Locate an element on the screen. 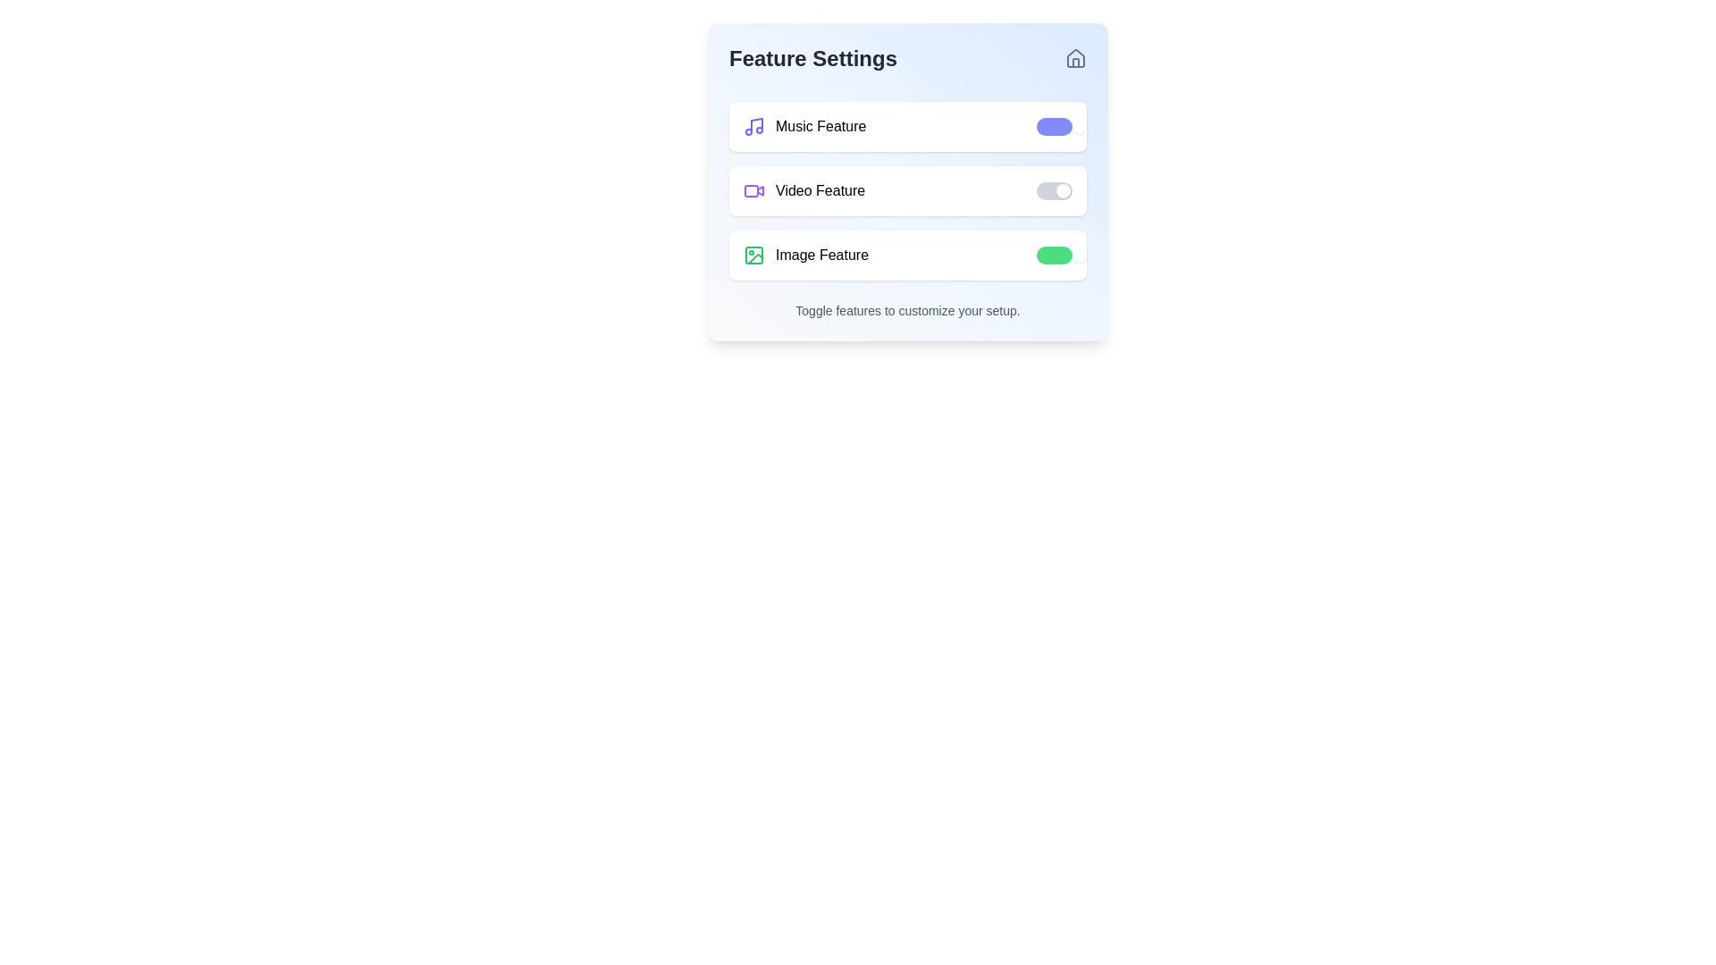 Image resolution: width=1716 pixels, height=965 pixels. the non-interactive text label located at the bottom of the 'Feature Settings' card, which provides instructions for the toggle switches above it is located at coordinates (908, 309).